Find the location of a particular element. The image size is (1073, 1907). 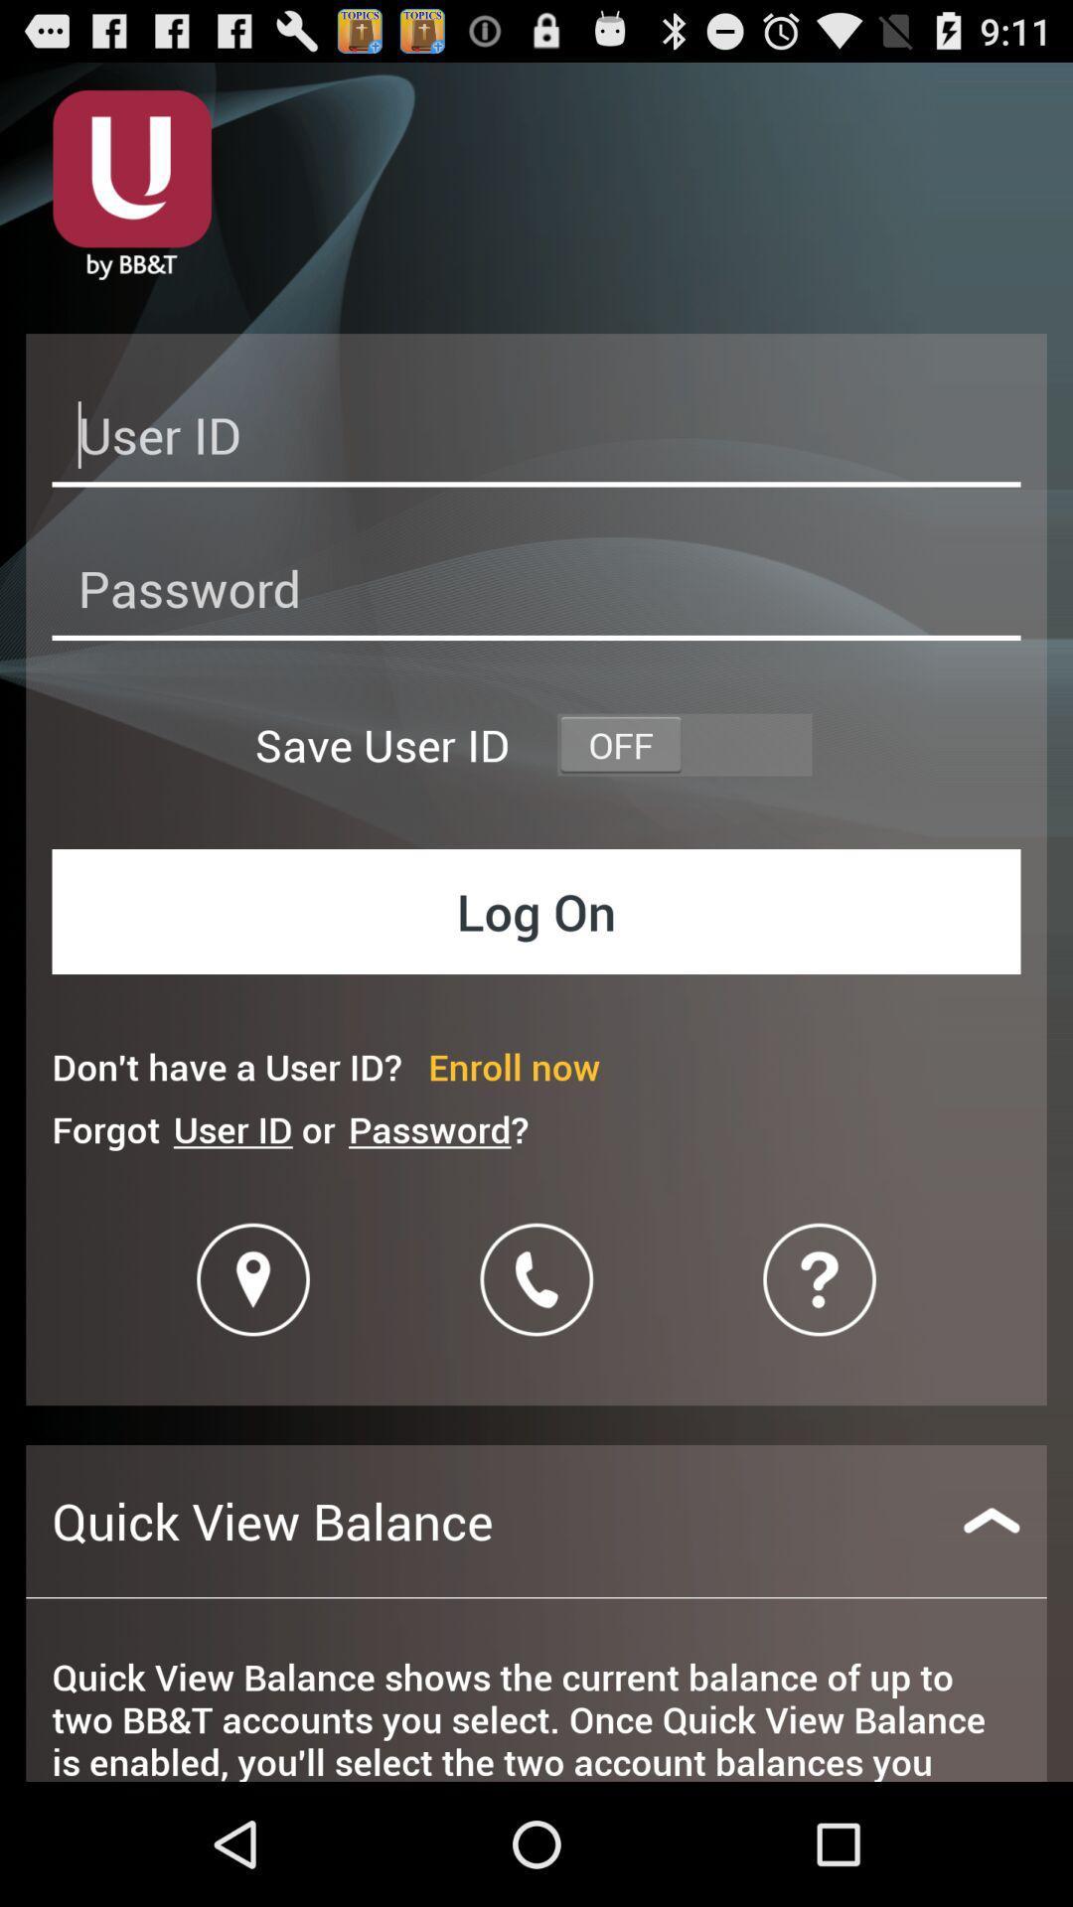

password? item is located at coordinates (437, 1129).